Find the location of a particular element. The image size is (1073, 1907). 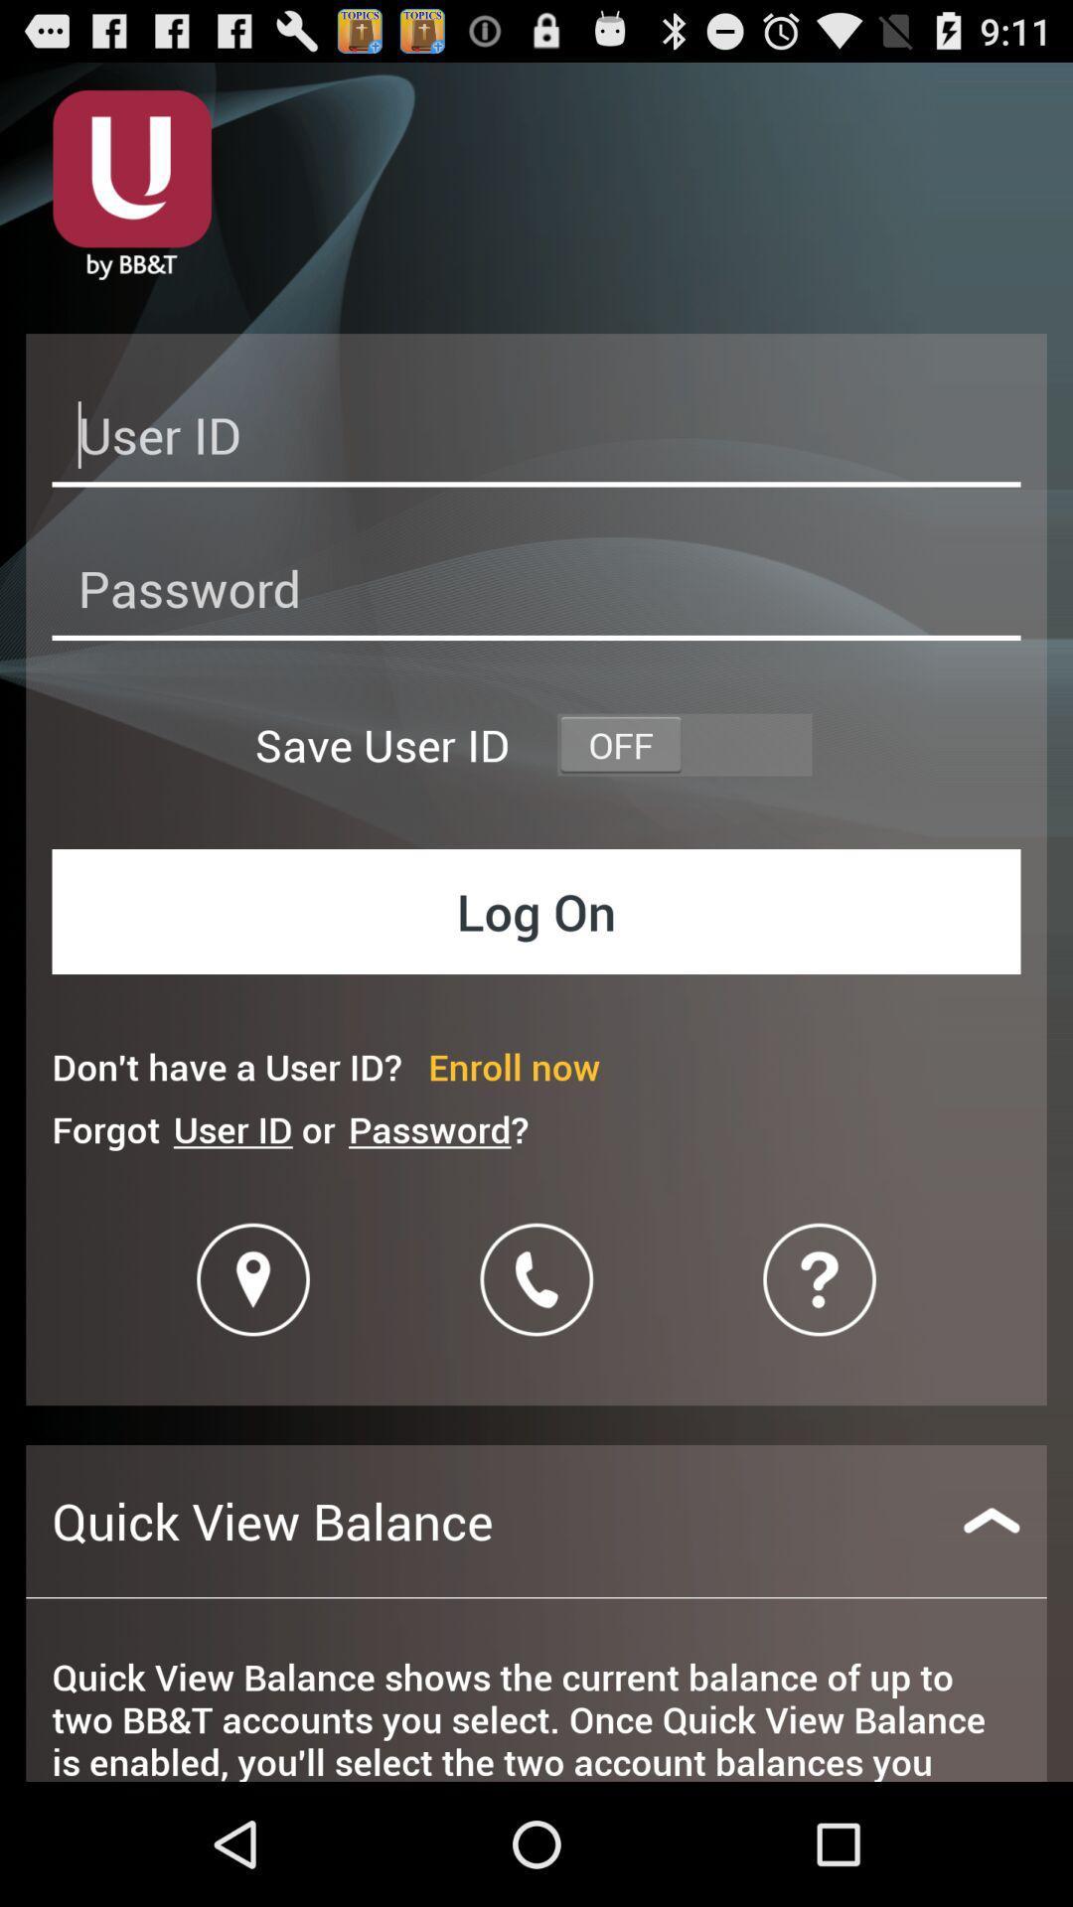

password? item is located at coordinates (437, 1129).